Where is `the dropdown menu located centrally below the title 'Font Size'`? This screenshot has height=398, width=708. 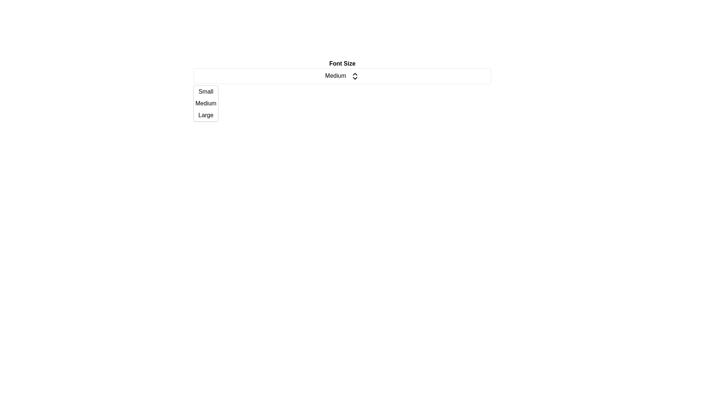 the dropdown menu located centrally below the title 'Font Size' is located at coordinates (342, 71).